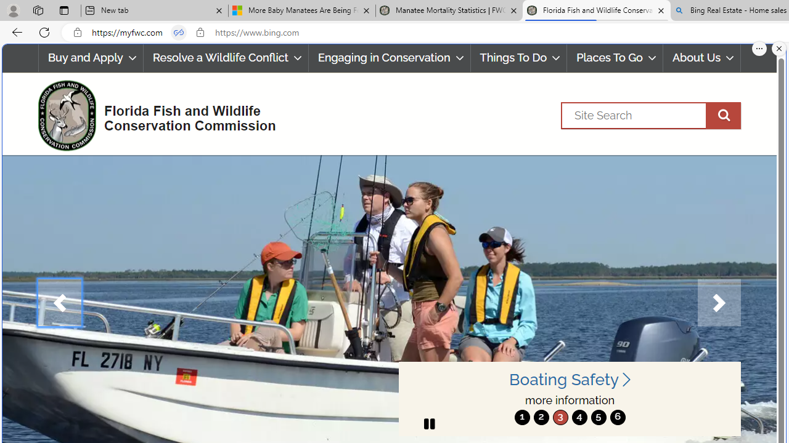 This screenshot has height=443, width=789. I want to click on 'Refresh', so click(44, 31).